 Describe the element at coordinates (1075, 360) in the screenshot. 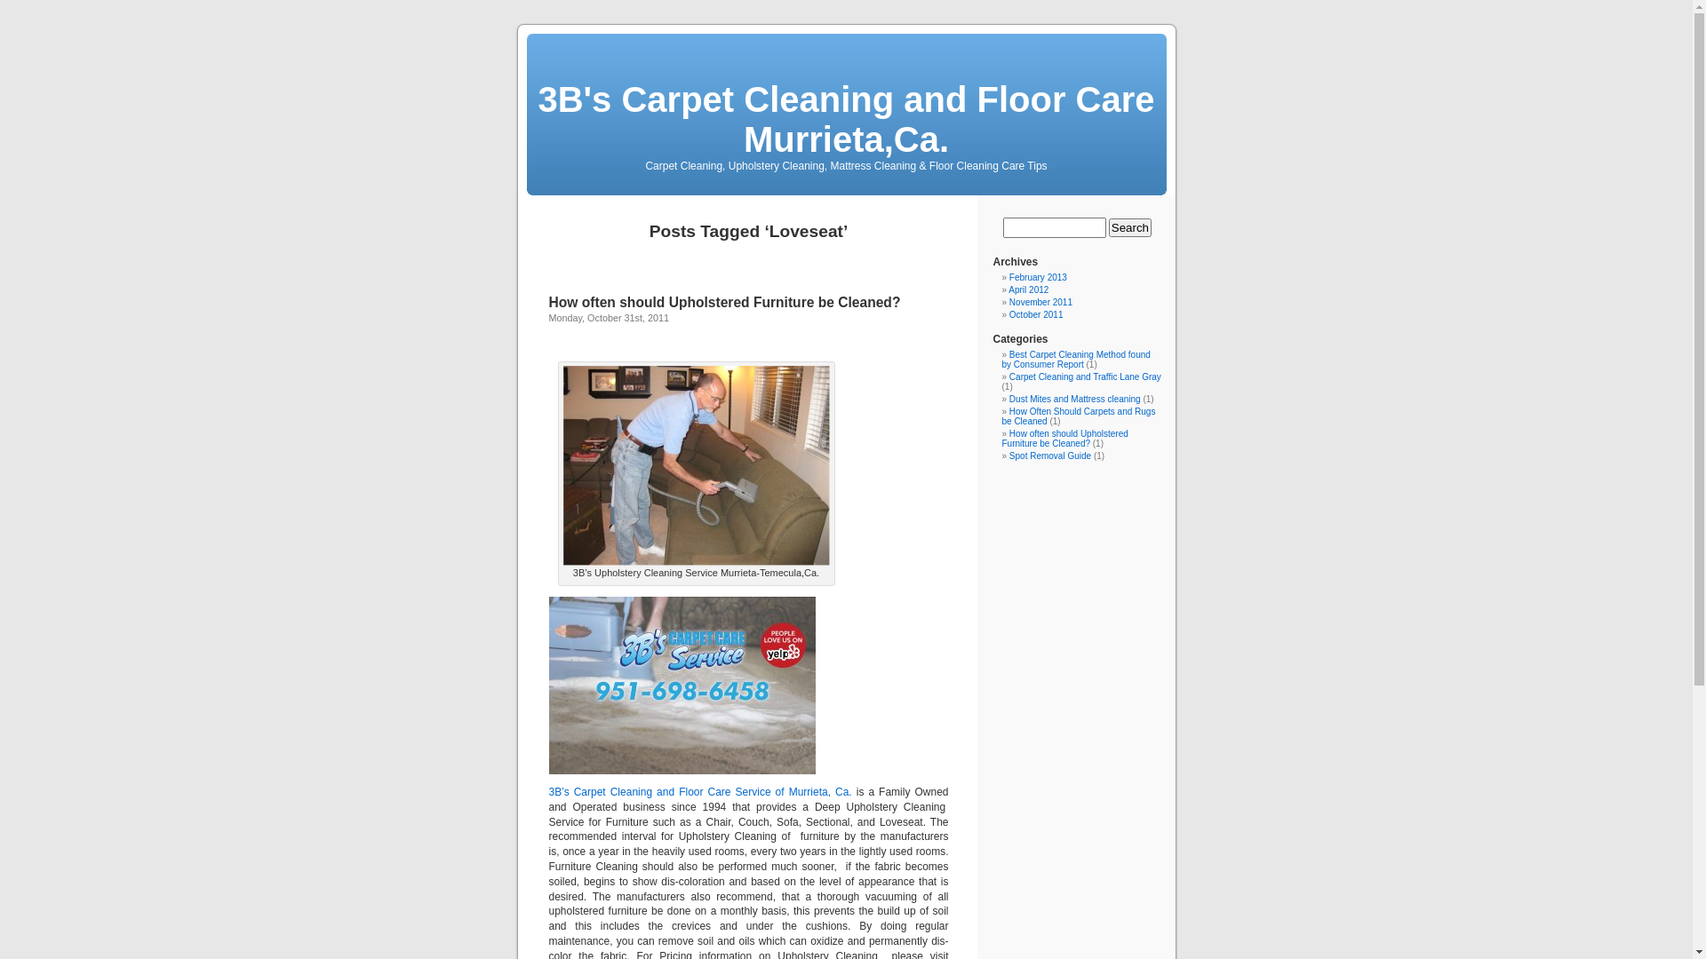

I see `'Best Carpet Cleaning Method found by Consumer Report'` at that location.